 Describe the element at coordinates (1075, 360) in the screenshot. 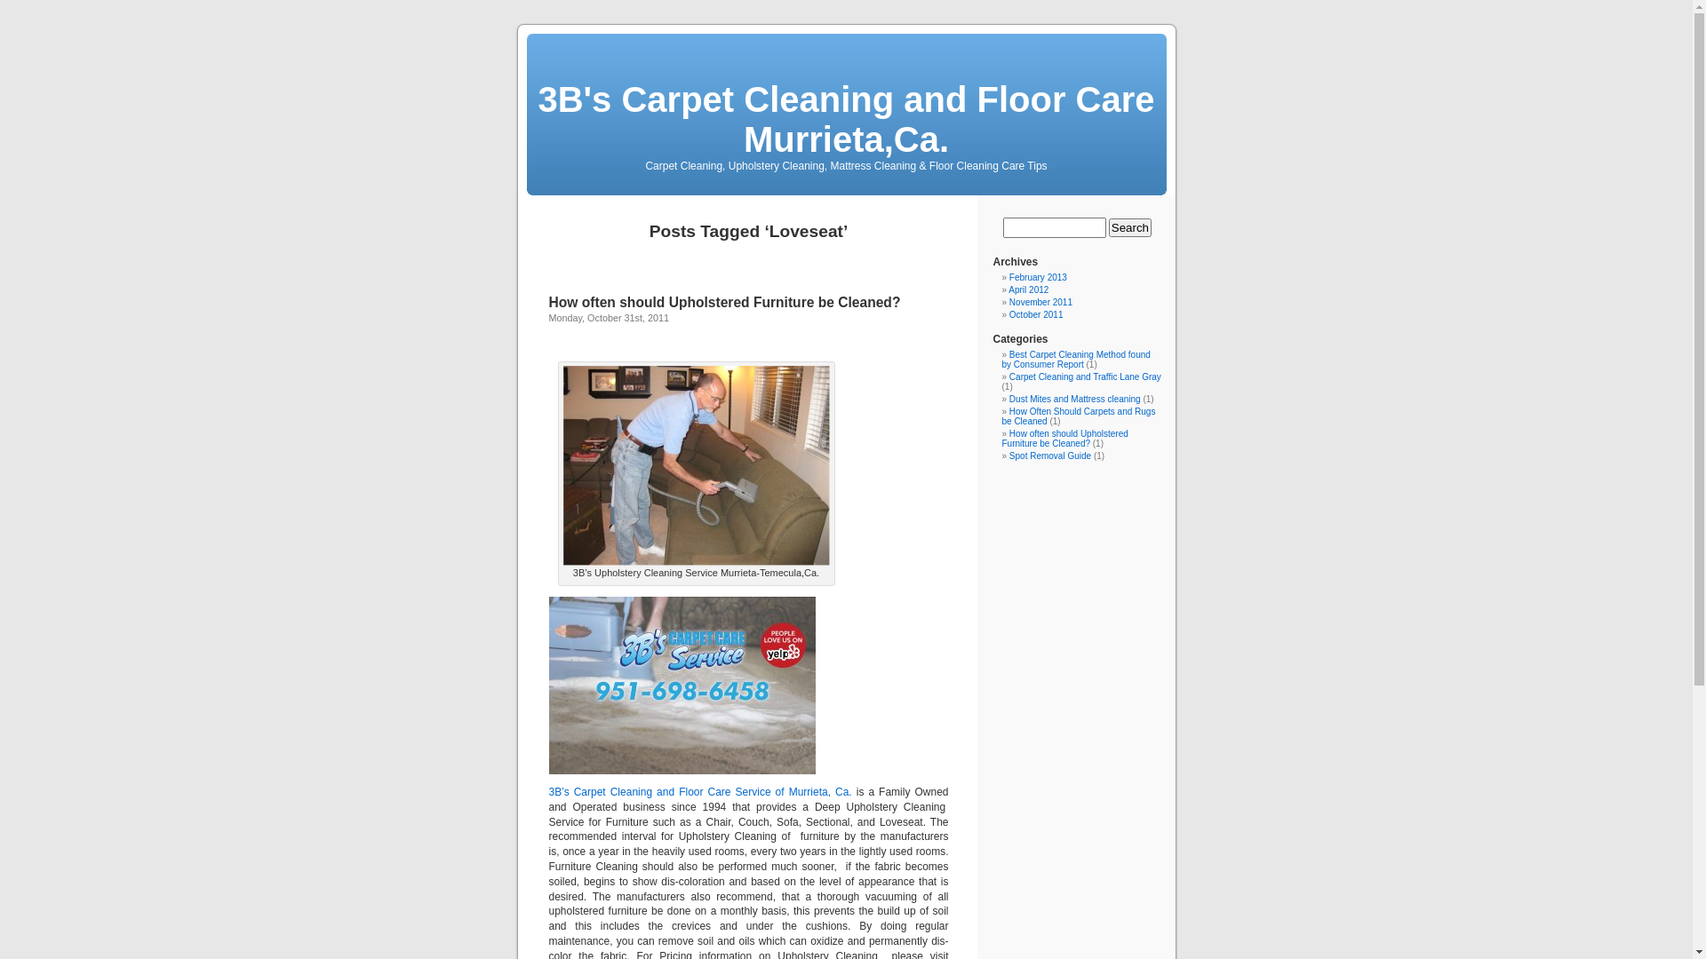

I see `'Best Carpet Cleaning Method found by Consumer Report'` at that location.